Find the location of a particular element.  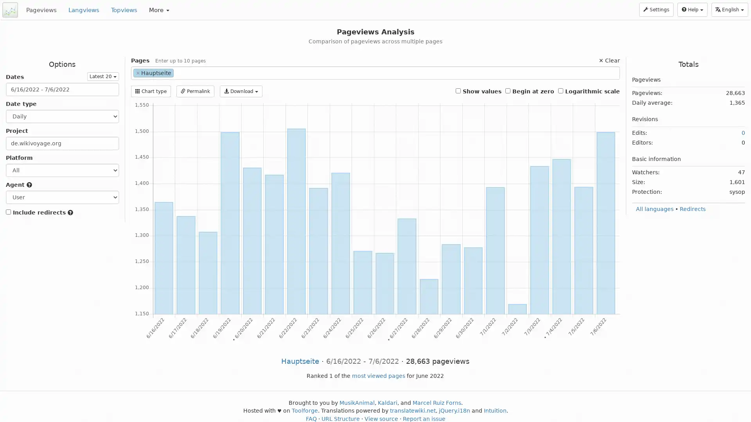

Chart type is located at coordinates (150, 91).